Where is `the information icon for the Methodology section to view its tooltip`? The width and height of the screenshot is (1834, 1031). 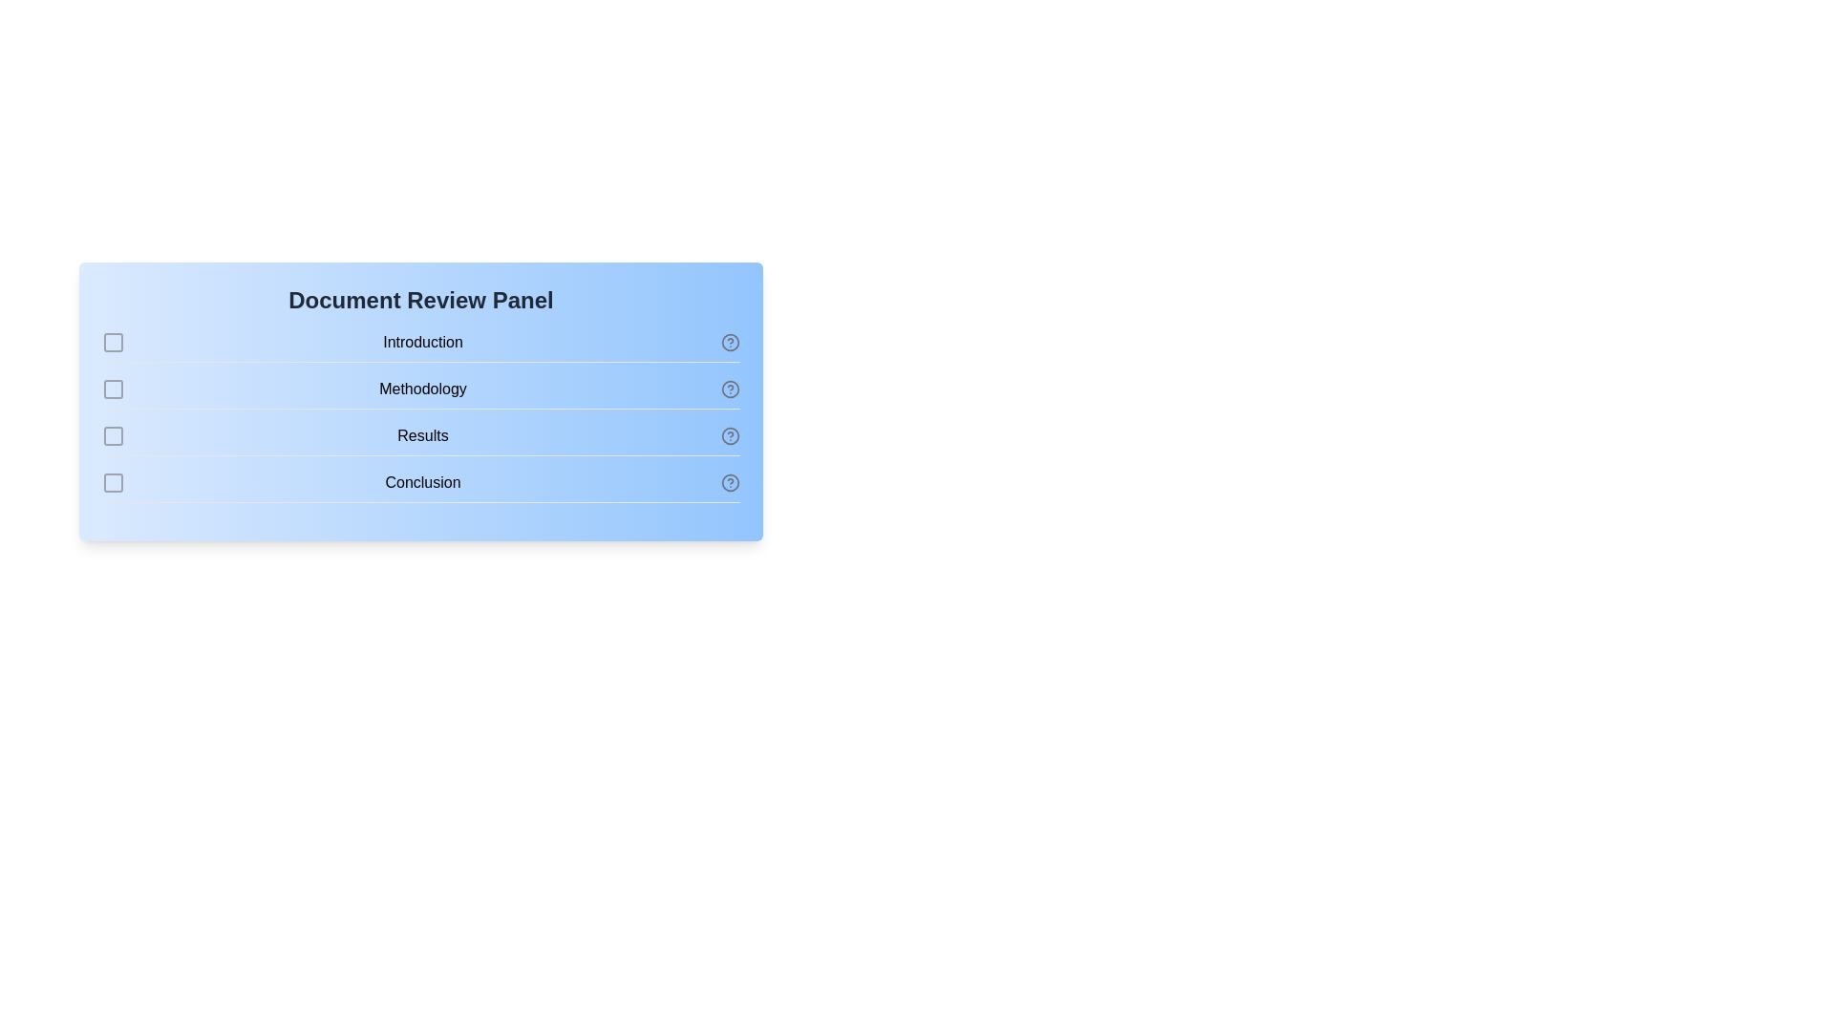 the information icon for the Methodology section to view its tooltip is located at coordinates (729, 389).